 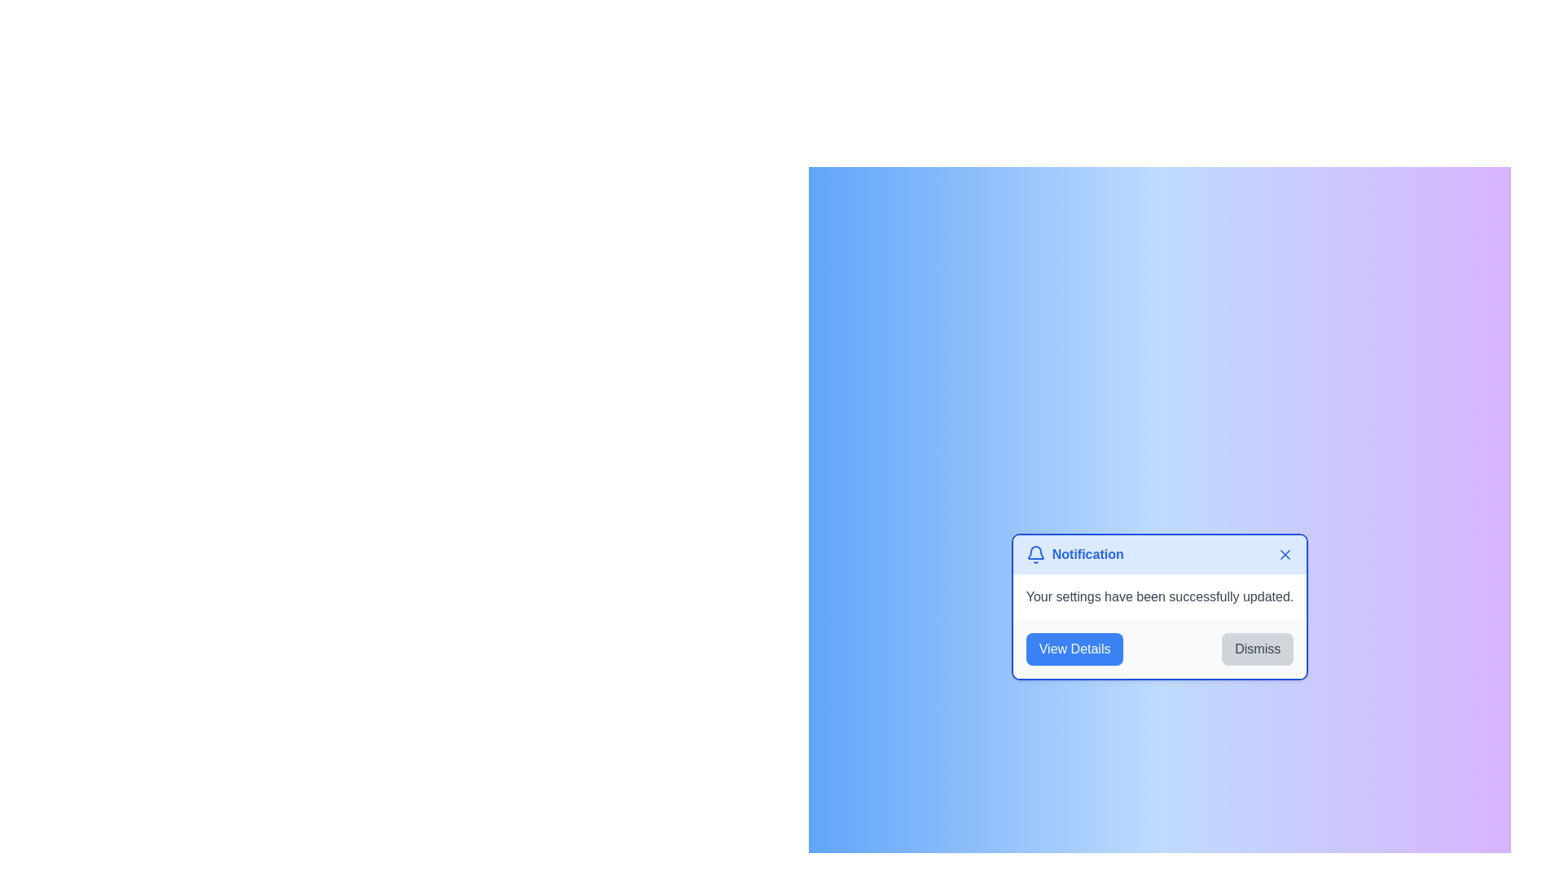 I want to click on the button located to the left of the 'Dismiss' button within the light gray notification box, so click(x=1074, y=649).